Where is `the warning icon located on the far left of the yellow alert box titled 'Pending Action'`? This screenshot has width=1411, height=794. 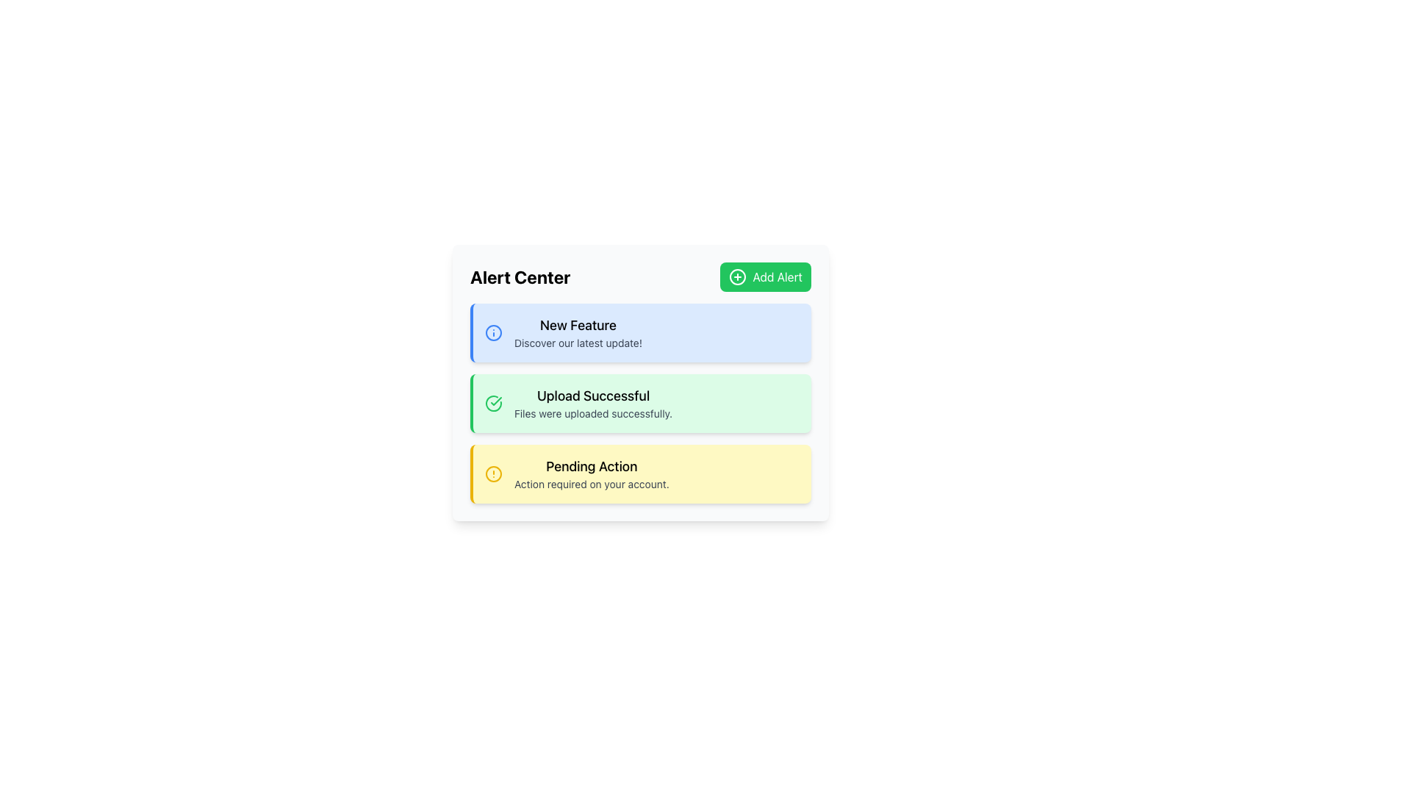
the warning icon located on the far left of the yellow alert box titled 'Pending Action' is located at coordinates (494, 473).